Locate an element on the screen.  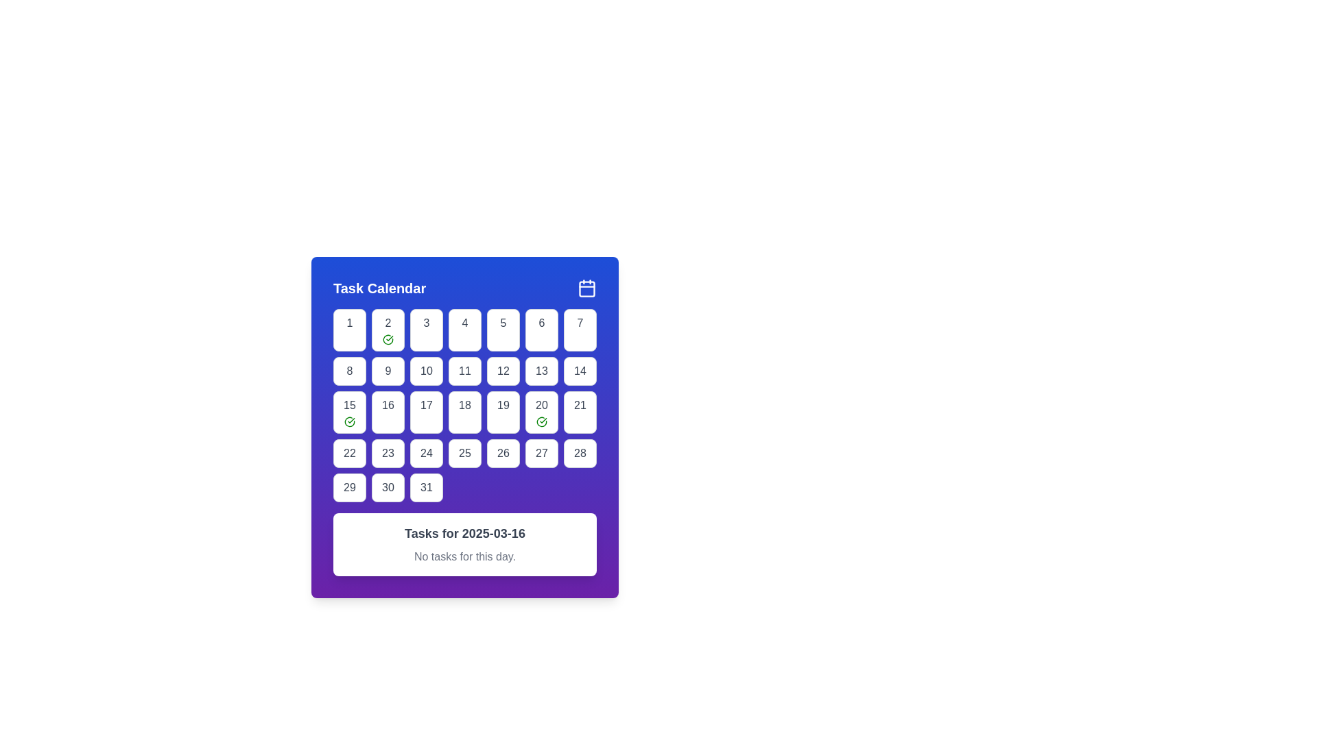
the square button displaying the number '17' to trigger hover effects is located at coordinates (426, 411).